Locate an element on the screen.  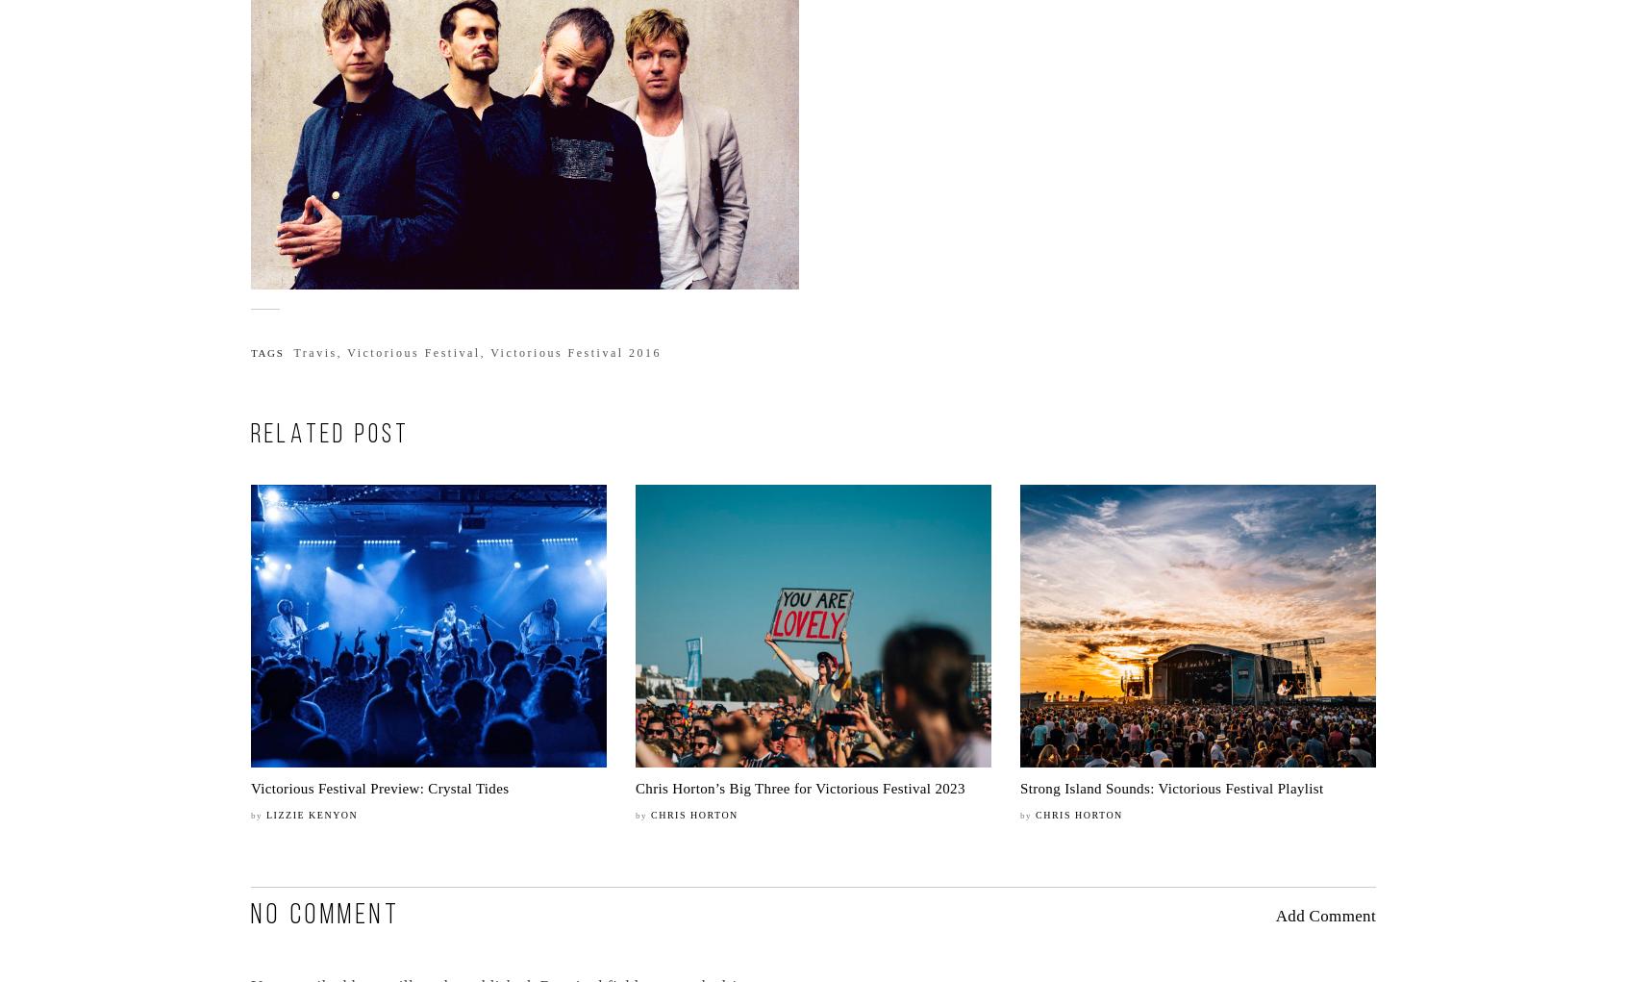
'Victorious Festival Preview: Crystal Tides' is located at coordinates (251, 787).